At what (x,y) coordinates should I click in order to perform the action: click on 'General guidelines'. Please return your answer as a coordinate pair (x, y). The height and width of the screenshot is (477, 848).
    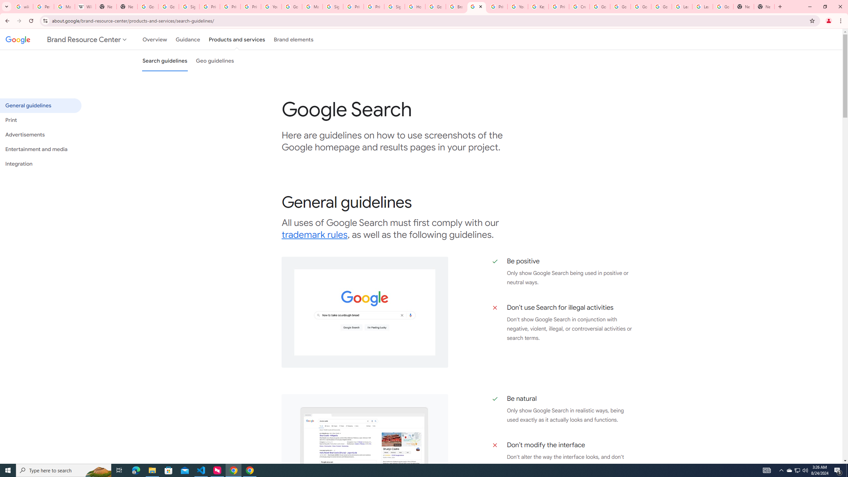
    Looking at the image, I should click on (40, 105).